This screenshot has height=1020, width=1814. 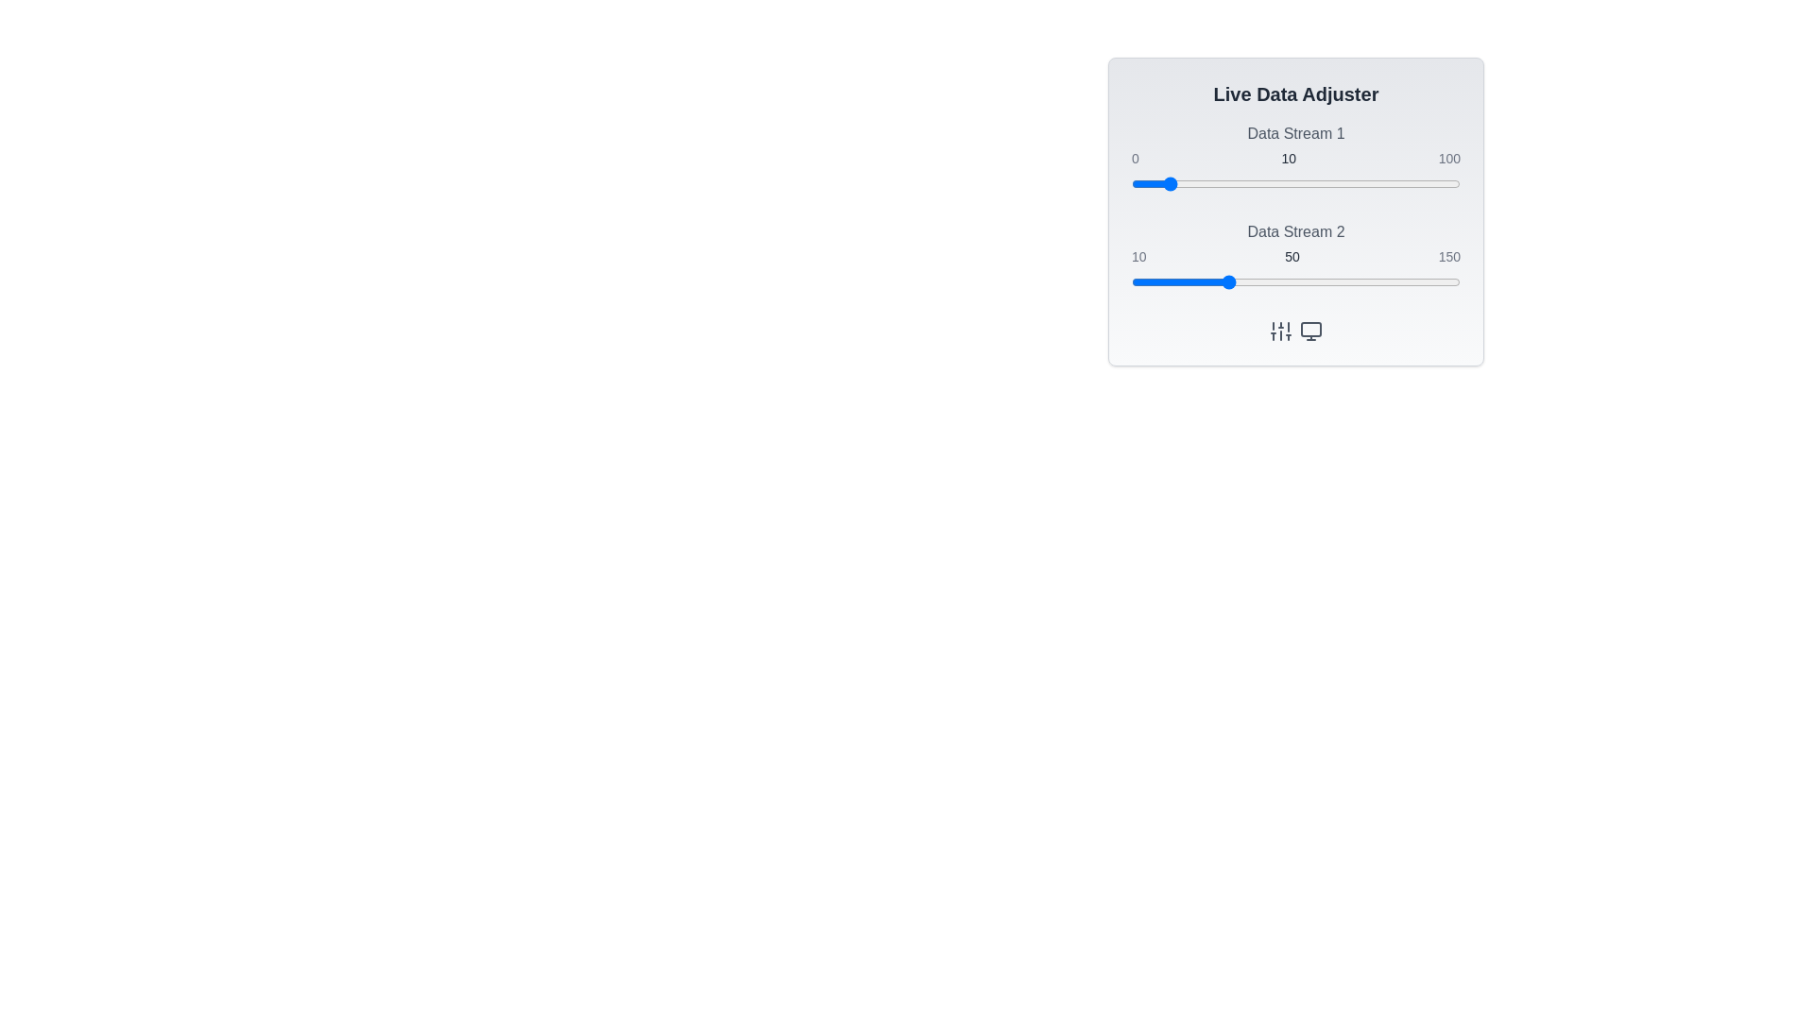 I want to click on the Data Stream 1 value, so click(x=1338, y=184).